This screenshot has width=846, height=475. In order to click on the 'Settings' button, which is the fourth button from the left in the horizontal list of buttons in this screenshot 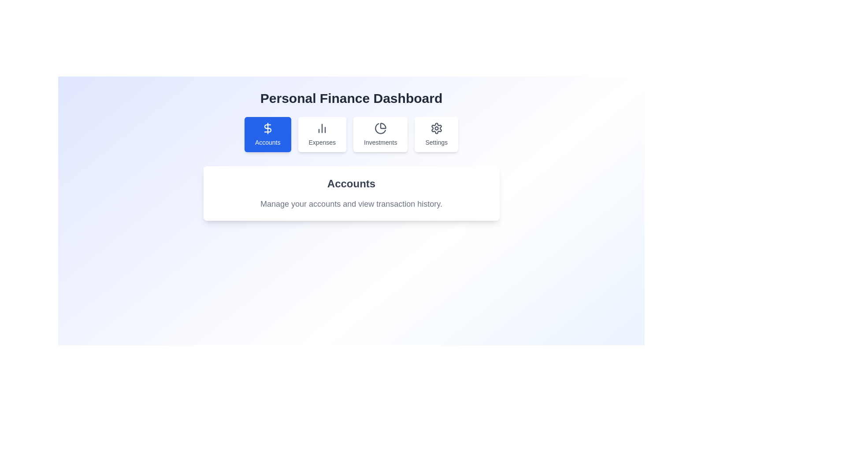, I will do `click(436, 134)`.